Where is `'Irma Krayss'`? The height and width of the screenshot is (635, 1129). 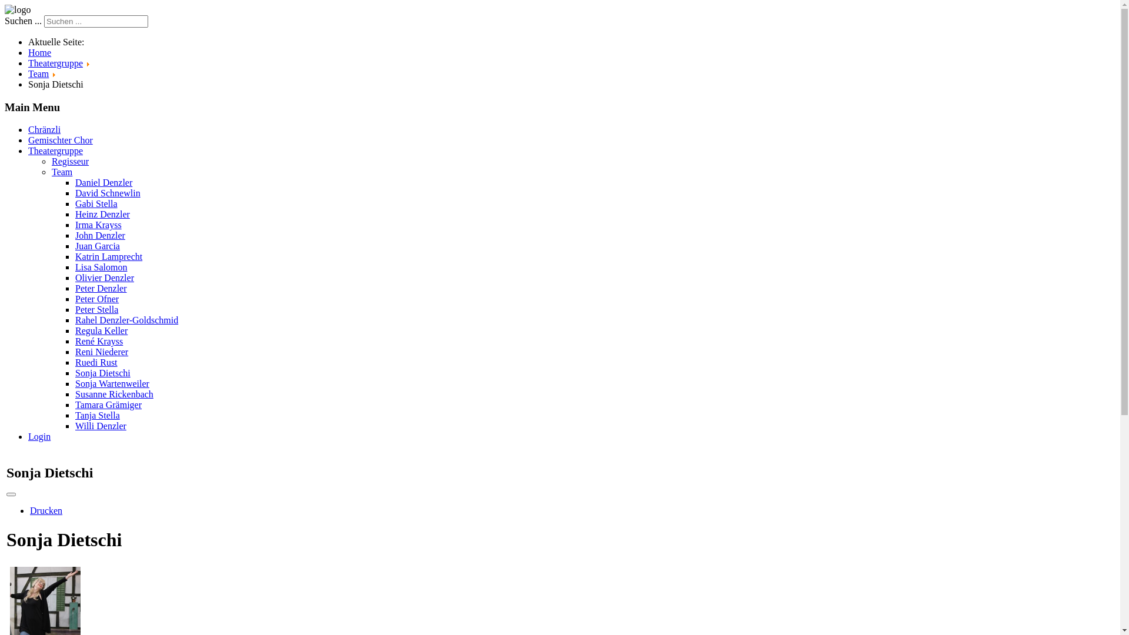 'Irma Krayss' is located at coordinates (98, 225).